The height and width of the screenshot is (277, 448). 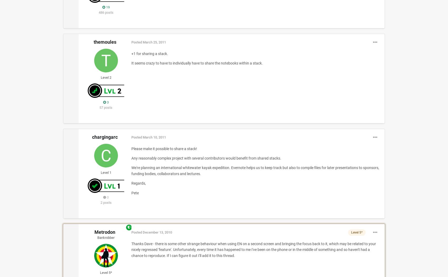 What do you see at coordinates (138, 183) in the screenshot?
I see `'Regards,'` at bounding box center [138, 183].